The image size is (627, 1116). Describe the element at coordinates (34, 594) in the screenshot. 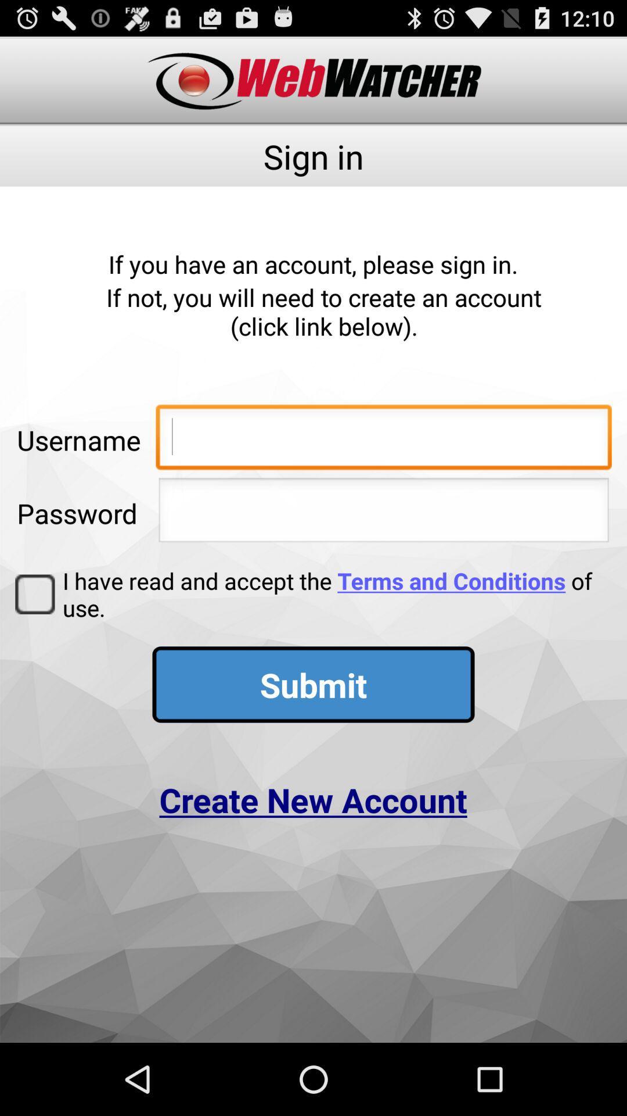

I see `item to the left of the i have read item` at that location.